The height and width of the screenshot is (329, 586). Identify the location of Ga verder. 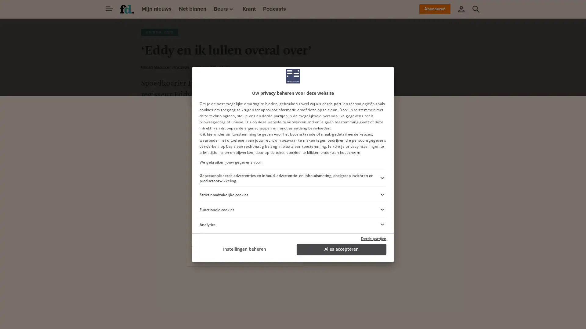
(244, 184).